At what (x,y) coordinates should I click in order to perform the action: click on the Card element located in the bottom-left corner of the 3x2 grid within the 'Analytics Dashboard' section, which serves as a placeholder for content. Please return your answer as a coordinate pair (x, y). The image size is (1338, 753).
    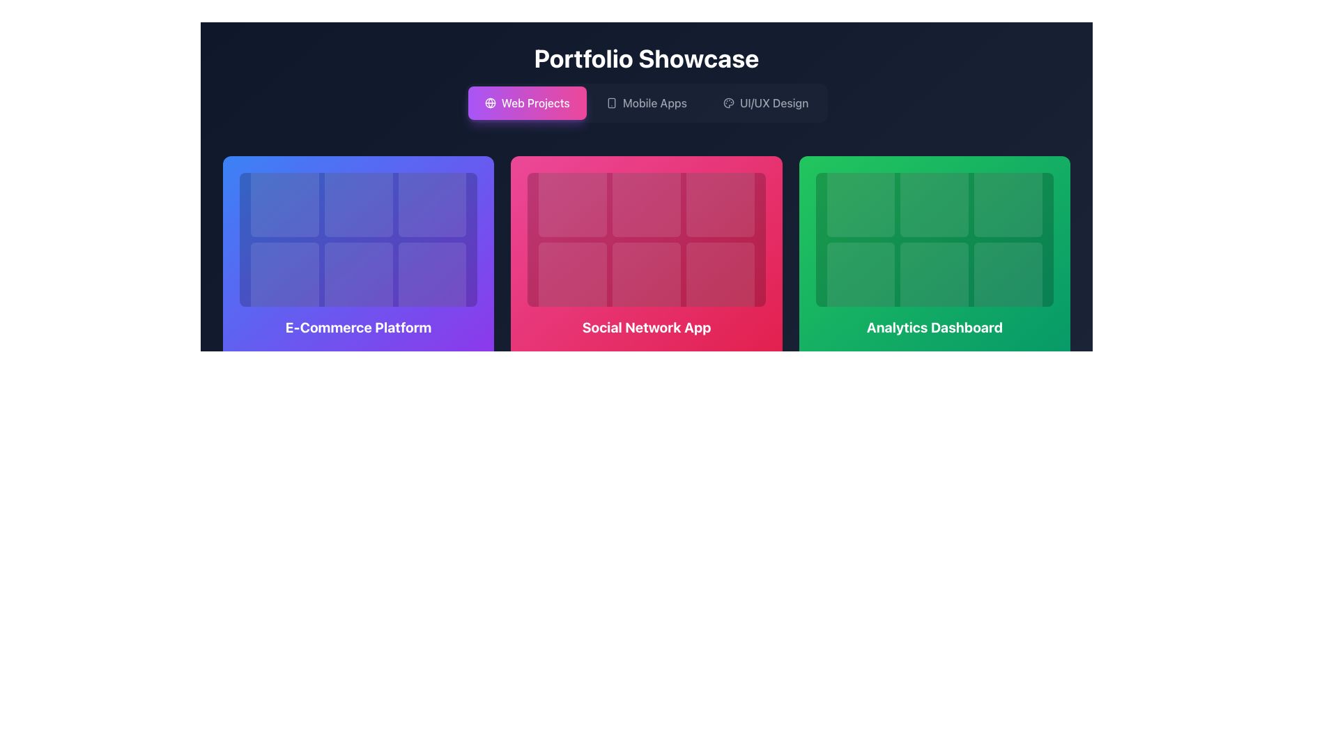
    Looking at the image, I should click on (860, 276).